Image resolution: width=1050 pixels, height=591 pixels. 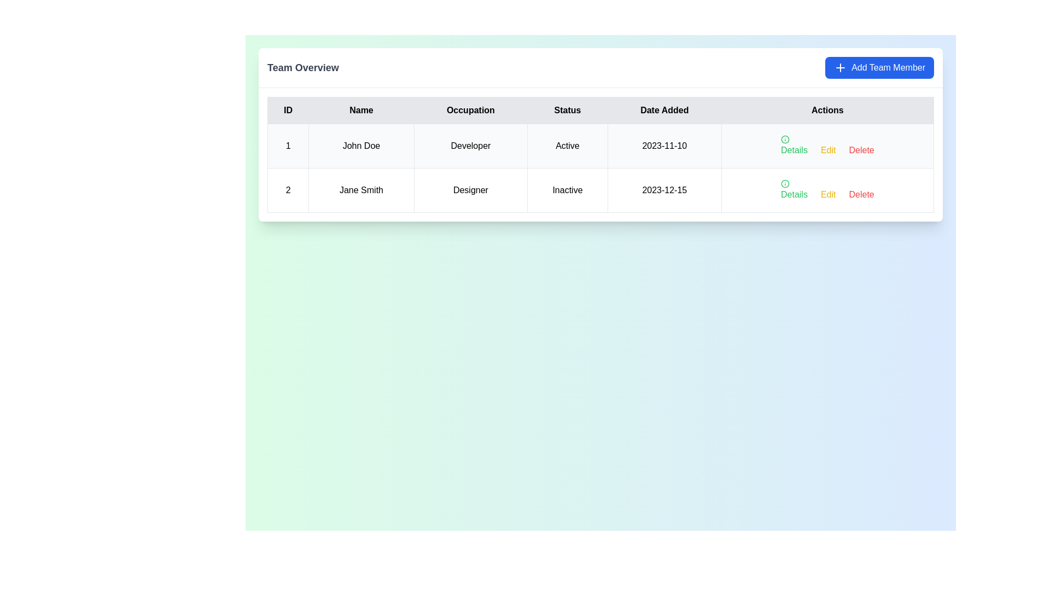 What do you see at coordinates (470, 110) in the screenshot?
I see `the table header cell labeled 'Occupation', which is the third column header between 'Name' and 'Status' in the table below the 'Team Overview' title` at bounding box center [470, 110].